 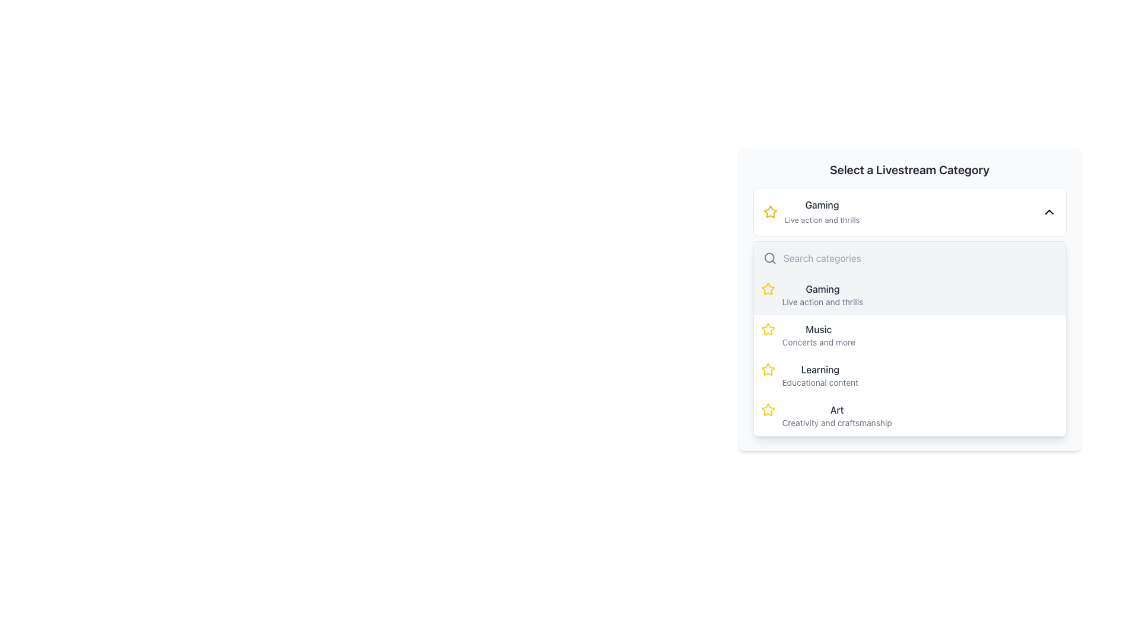 I want to click on text from the Text Label displaying the category title 'Learning', which is located above 'Art' and below 'Music' in the selection system for livestream categories, so click(x=819, y=369).